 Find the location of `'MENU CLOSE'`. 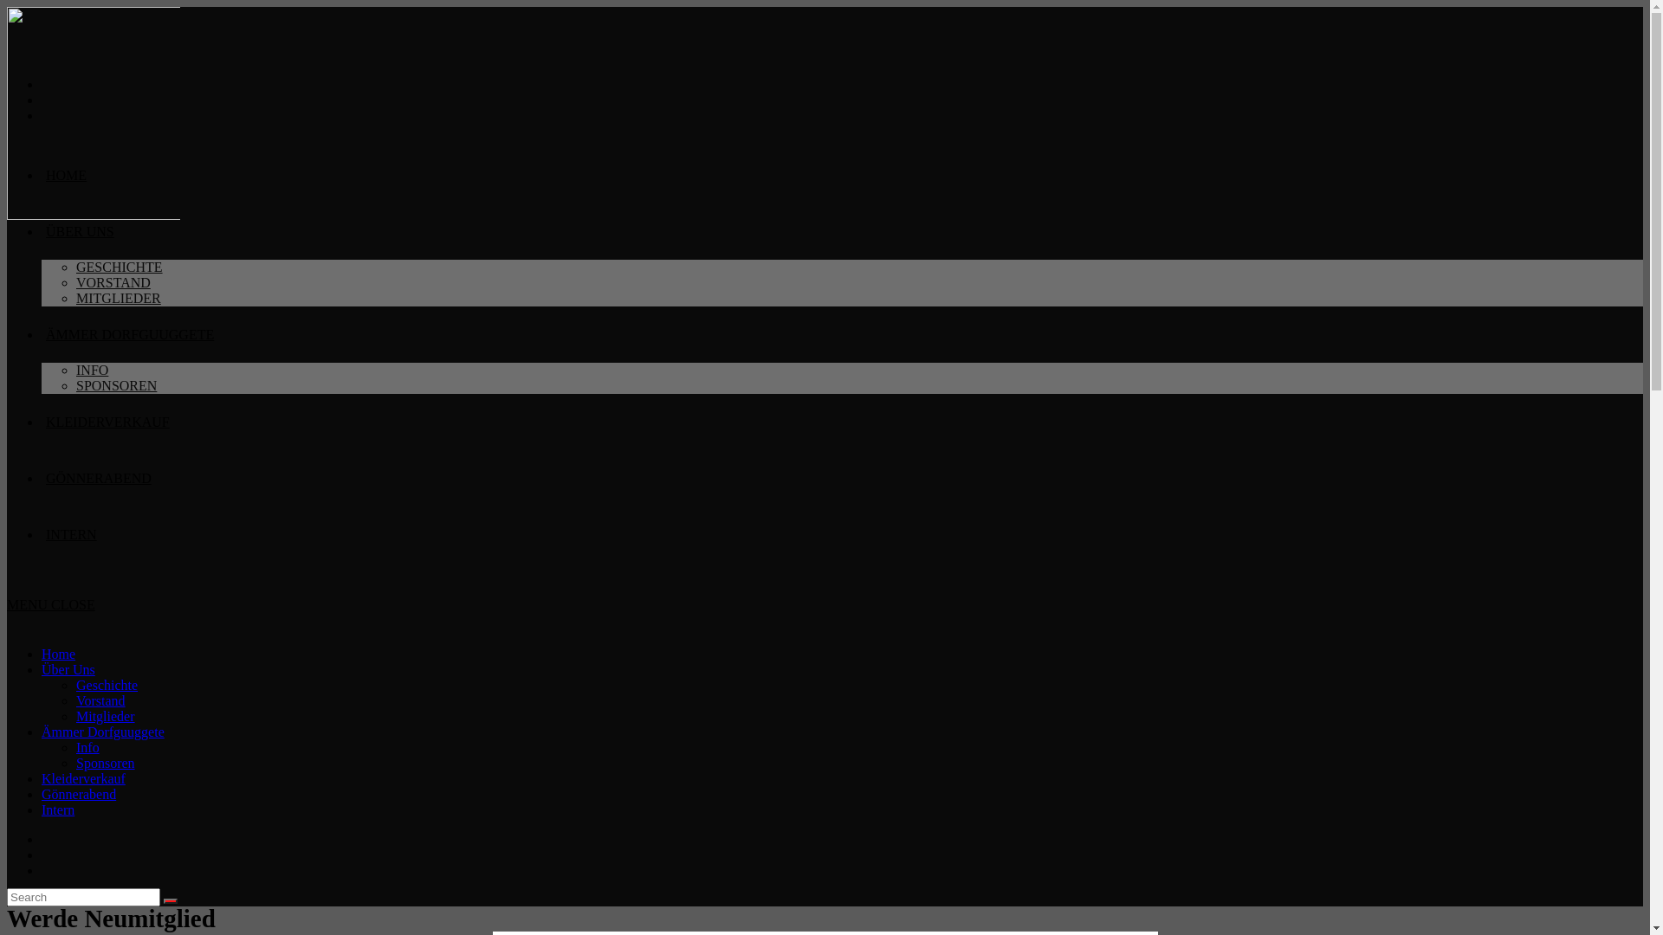

'MENU CLOSE' is located at coordinates (7, 603).